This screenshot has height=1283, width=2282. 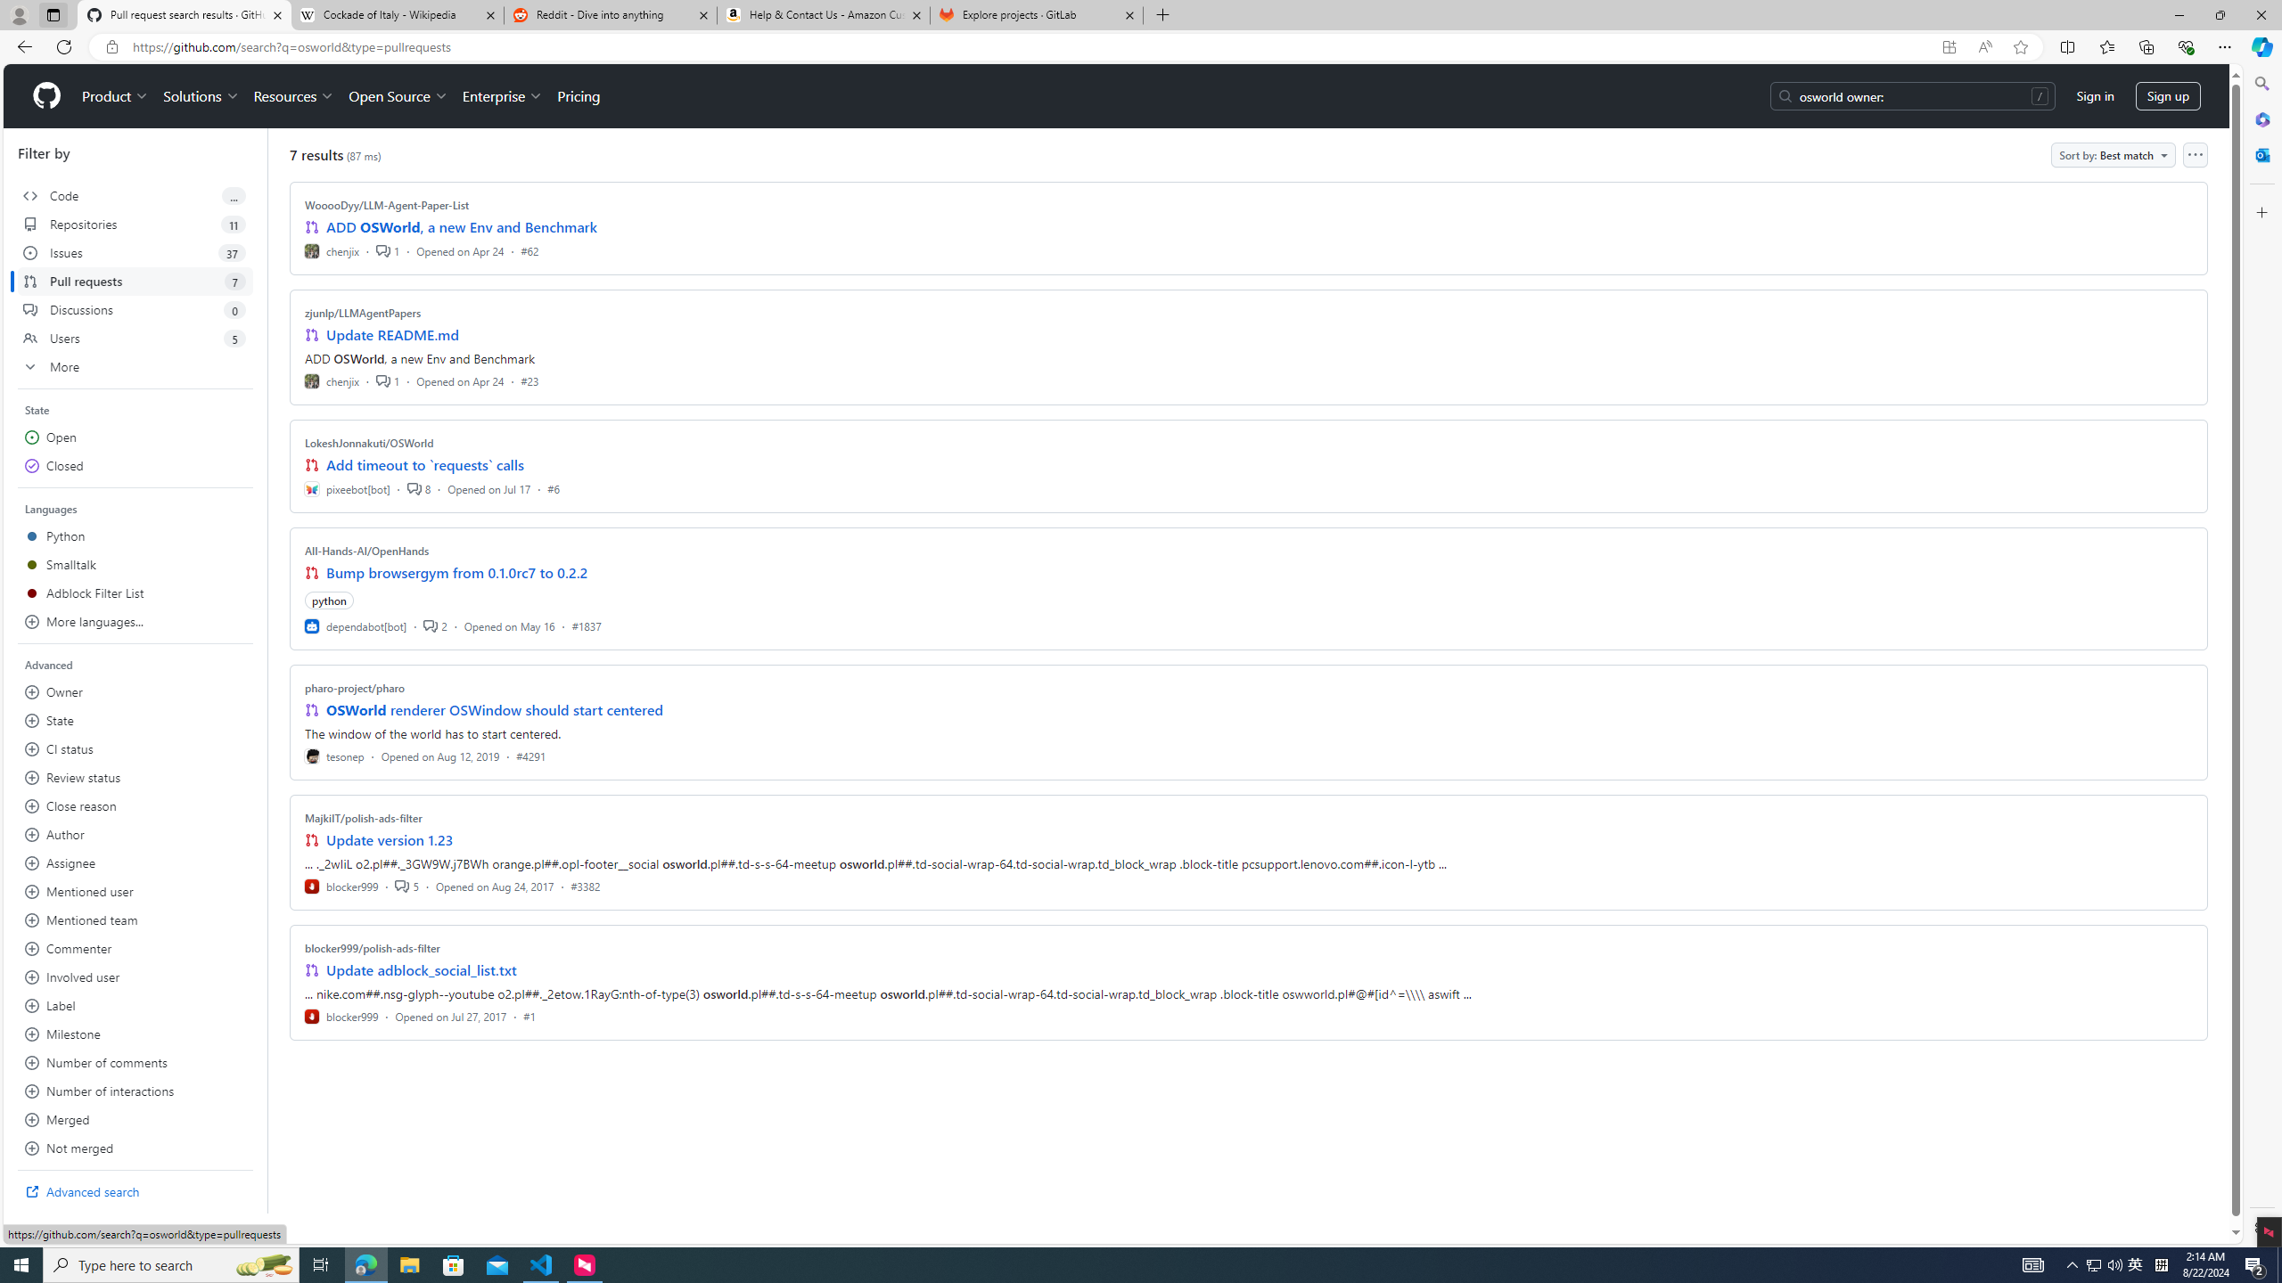 I want to click on 'Advanced search', so click(x=135, y=1190).